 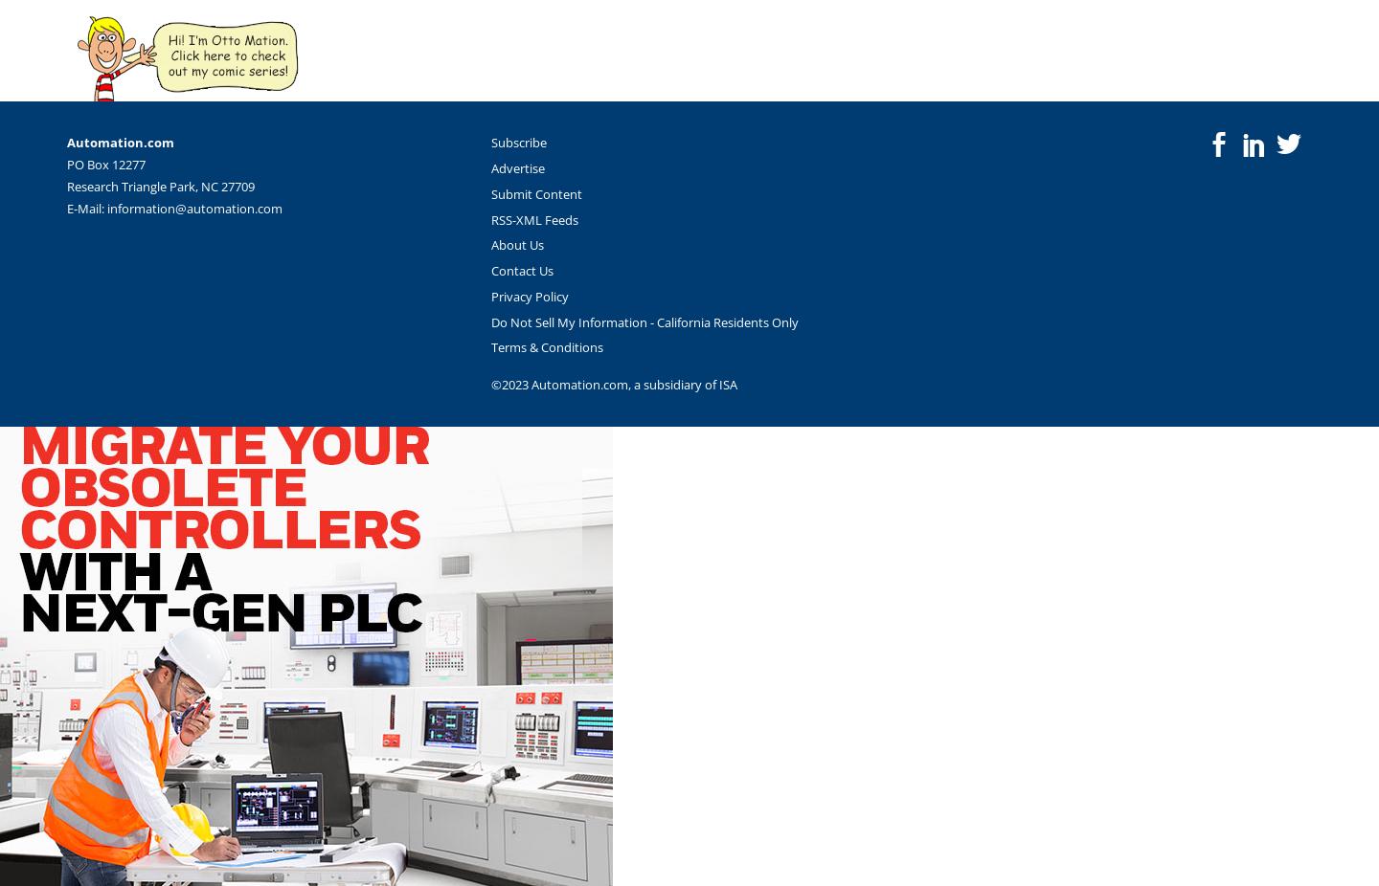 What do you see at coordinates (519, 141) in the screenshot?
I see `'Subscribe'` at bounding box center [519, 141].